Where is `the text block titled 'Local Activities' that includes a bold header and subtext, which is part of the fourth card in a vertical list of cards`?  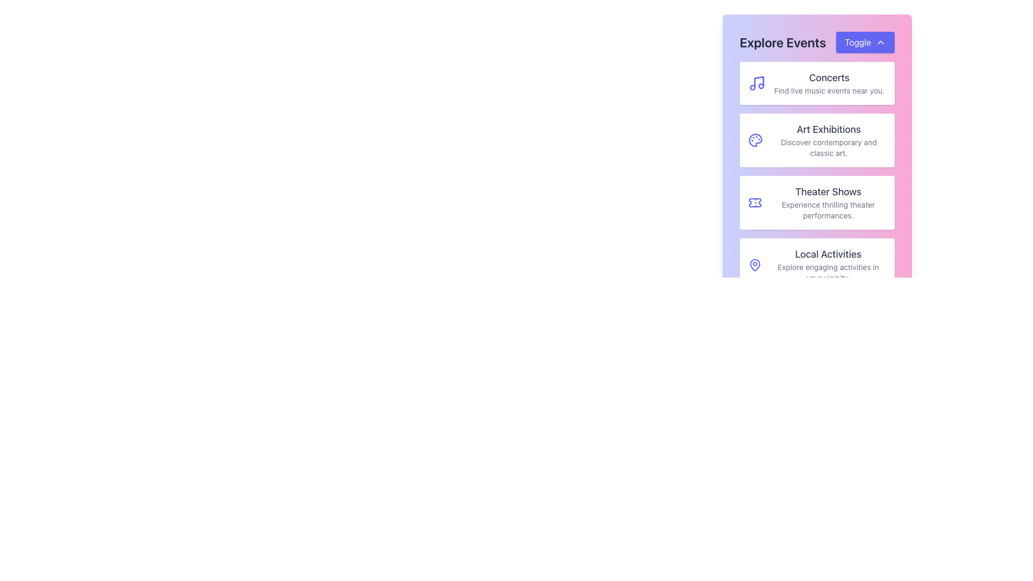 the text block titled 'Local Activities' that includes a bold header and subtext, which is part of the fourth card in a vertical list of cards is located at coordinates (827, 265).